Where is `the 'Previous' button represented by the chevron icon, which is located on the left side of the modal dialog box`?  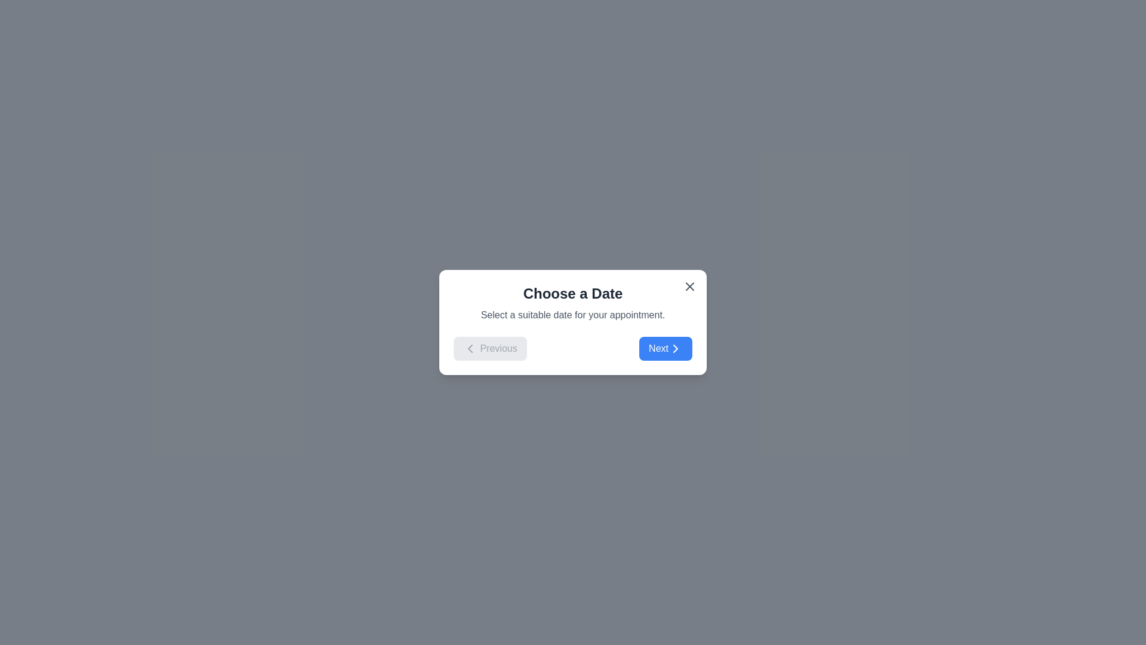 the 'Previous' button represented by the chevron icon, which is located on the left side of the modal dialog box is located at coordinates (469, 348).